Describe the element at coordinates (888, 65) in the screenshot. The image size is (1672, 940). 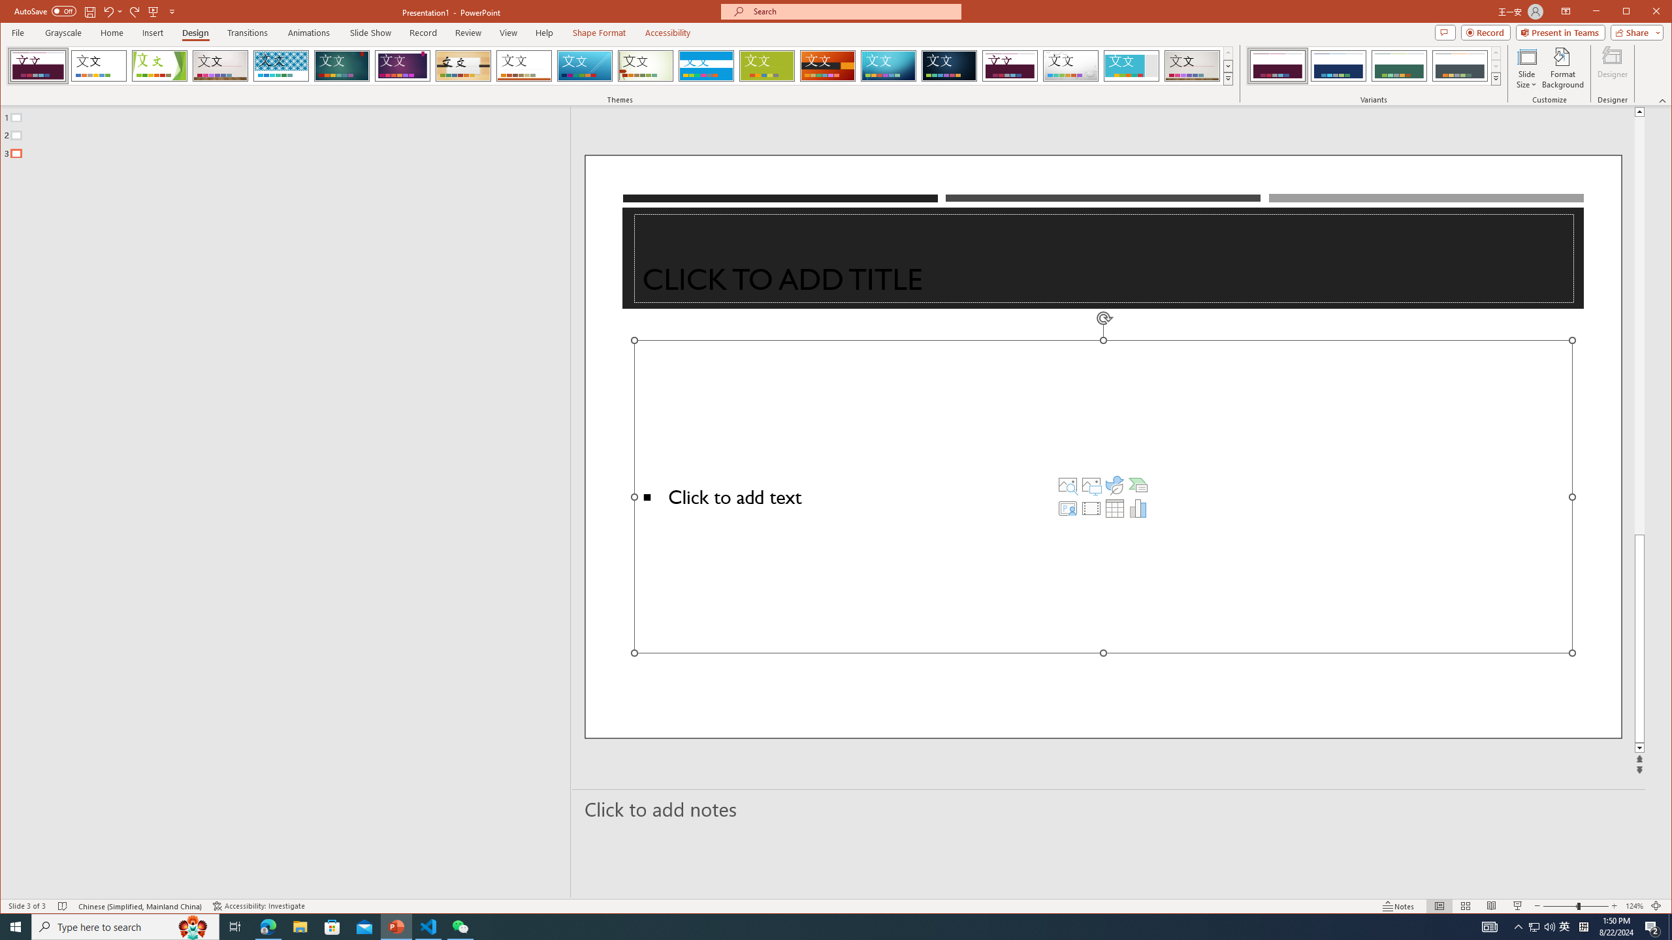
I see `'Circuit'` at that location.